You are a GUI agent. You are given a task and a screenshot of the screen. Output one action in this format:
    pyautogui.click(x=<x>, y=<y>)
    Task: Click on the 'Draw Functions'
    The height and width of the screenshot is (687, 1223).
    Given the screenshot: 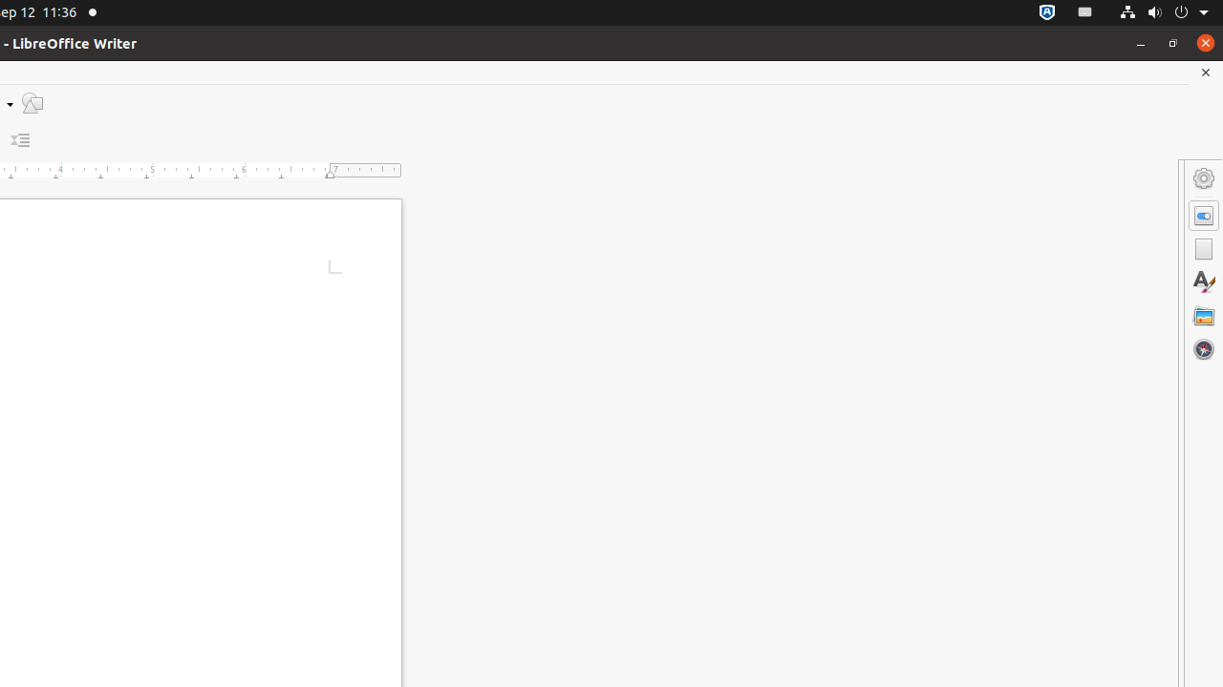 What is the action you would take?
    pyautogui.click(x=32, y=103)
    